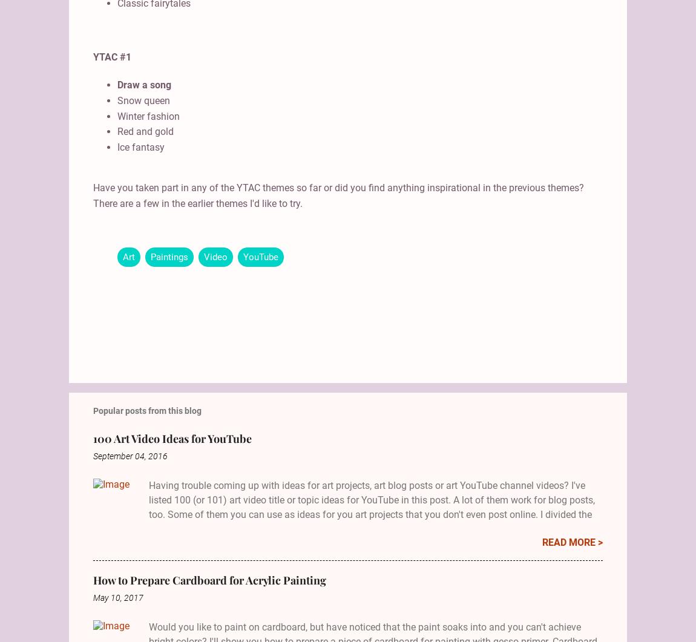 This screenshot has width=696, height=642. I want to click on 'Red and gold', so click(145, 131).